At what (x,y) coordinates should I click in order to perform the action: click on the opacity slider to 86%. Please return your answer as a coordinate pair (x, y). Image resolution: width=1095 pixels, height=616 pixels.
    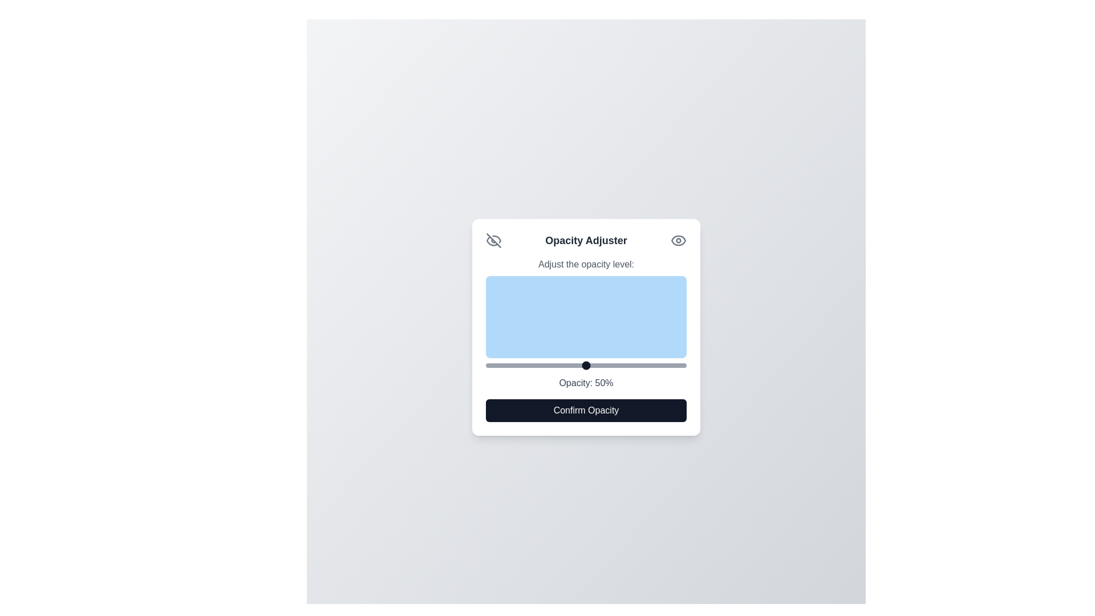
    Looking at the image, I should click on (658, 365).